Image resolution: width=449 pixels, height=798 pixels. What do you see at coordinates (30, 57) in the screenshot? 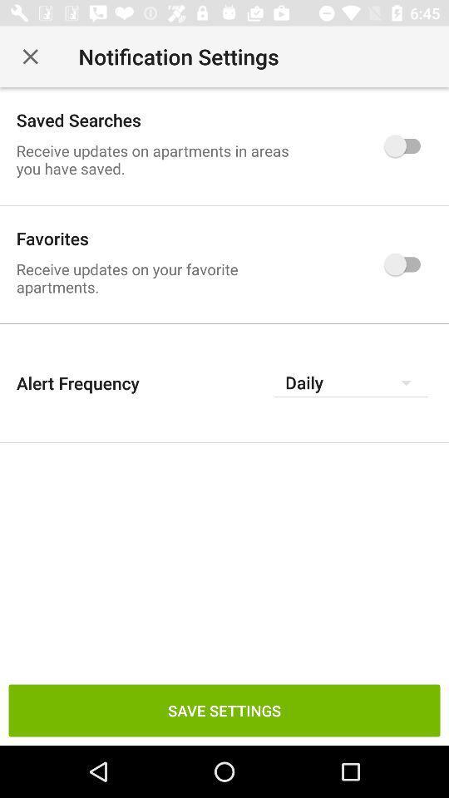
I see `the item next to notification settings item` at bounding box center [30, 57].